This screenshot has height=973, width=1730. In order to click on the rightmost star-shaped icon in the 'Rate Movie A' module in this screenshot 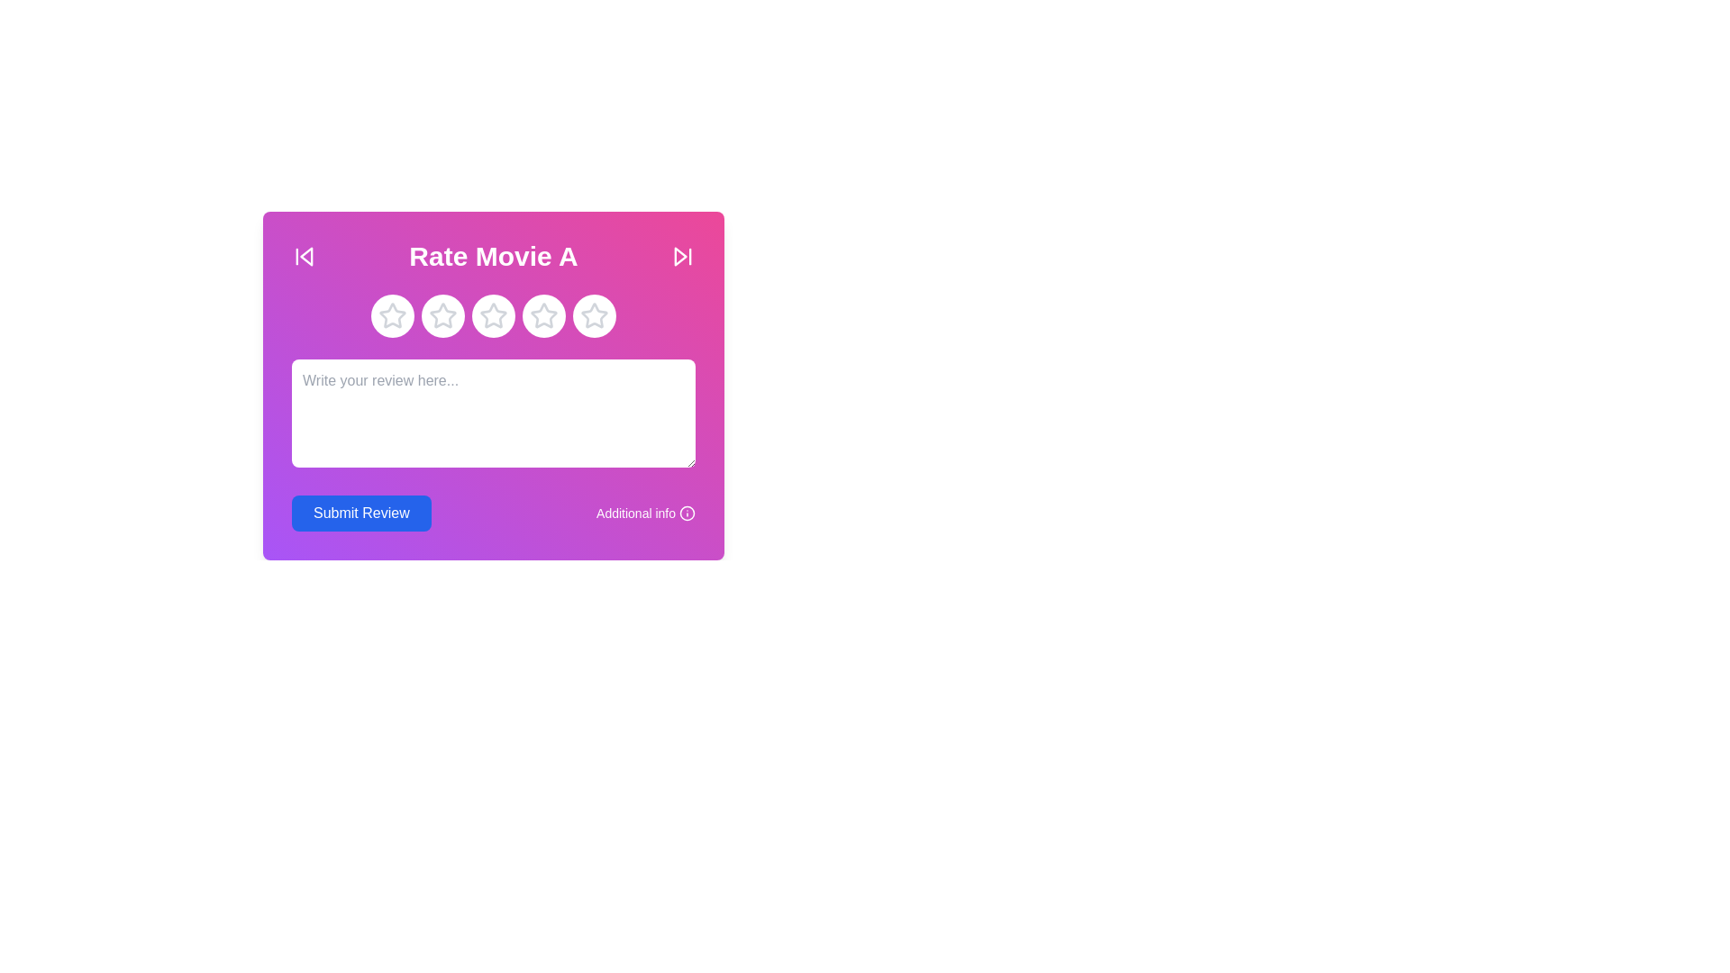, I will do `click(595, 315)`.